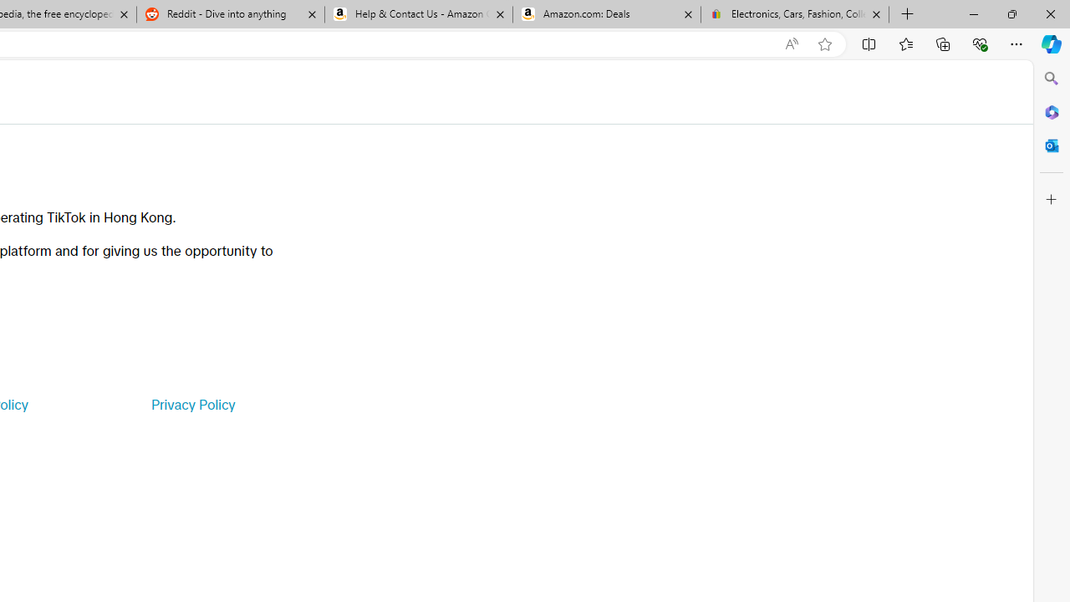  What do you see at coordinates (794, 14) in the screenshot?
I see `'Electronics, Cars, Fashion, Collectibles & More | eBay'` at bounding box center [794, 14].